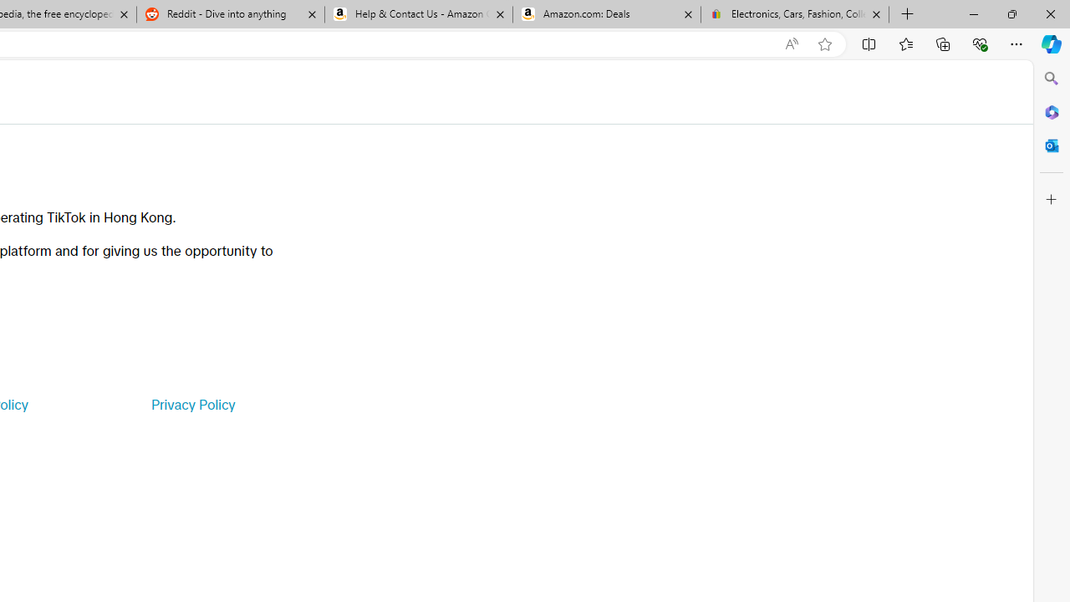  What do you see at coordinates (794, 14) in the screenshot?
I see `'Electronics, Cars, Fashion, Collectibles & More | eBay'` at bounding box center [794, 14].